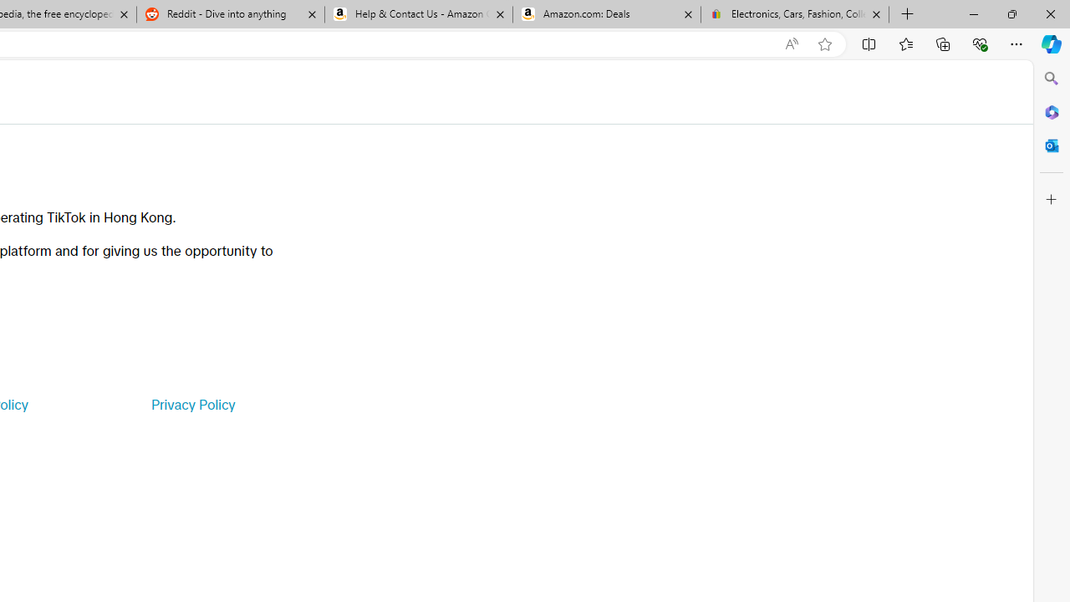  What do you see at coordinates (794, 14) in the screenshot?
I see `'Electronics, Cars, Fashion, Collectibles & More | eBay'` at bounding box center [794, 14].